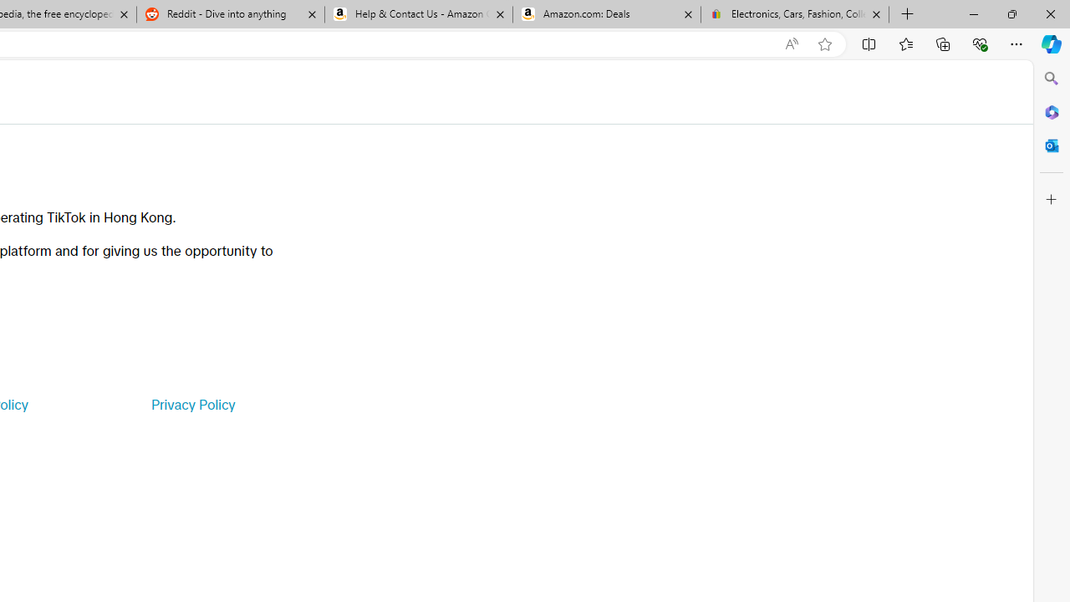  What do you see at coordinates (794, 14) in the screenshot?
I see `'Electronics, Cars, Fashion, Collectibles & More | eBay'` at bounding box center [794, 14].